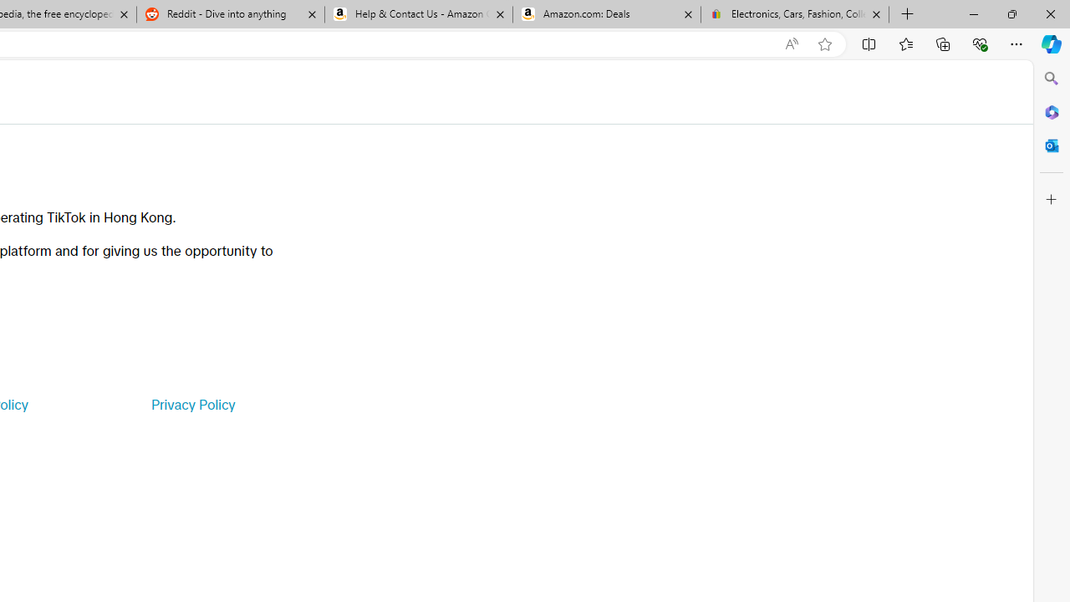  What do you see at coordinates (794, 14) in the screenshot?
I see `'Electronics, Cars, Fashion, Collectibles & More | eBay'` at bounding box center [794, 14].